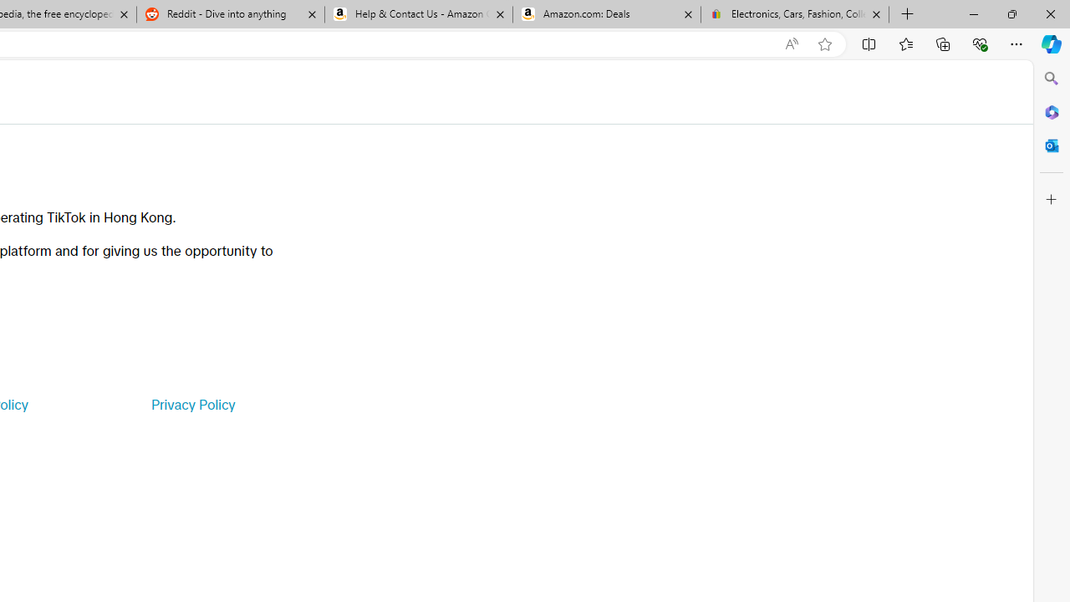  What do you see at coordinates (794, 14) in the screenshot?
I see `'Electronics, Cars, Fashion, Collectibles & More | eBay'` at bounding box center [794, 14].